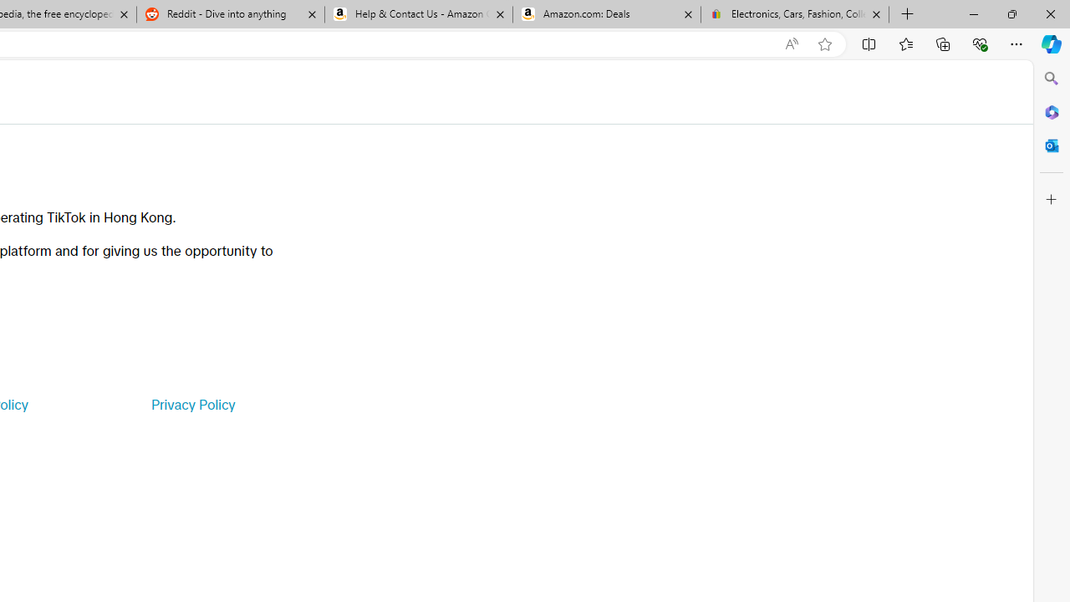  What do you see at coordinates (794, 14) in the screenshot?
I see `'Electronics, Cars, Fashion, Collectibles & More | eBay'` at bounding box center [794, 14].